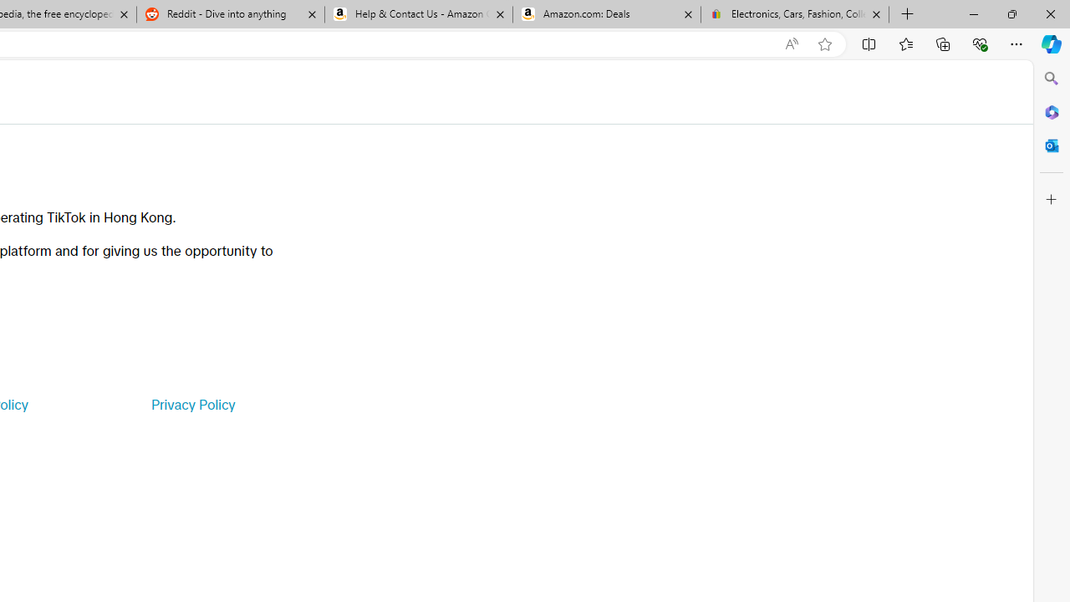  What do you see at coordinates (794, 14) in the screenshot?
I see `'Electronics, Cars, Fashion, Collectibles & More | eBay'` at bounding box center [794, 14].